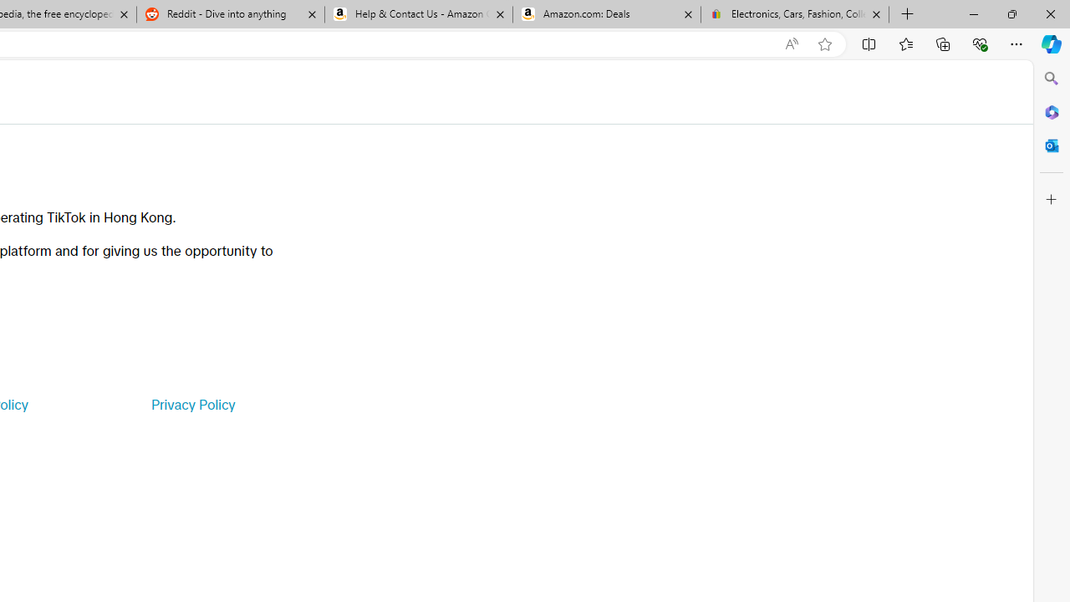  What do you see at coordinates (794, 14) in the screenshot?
I see `'Electronics, Cars, Fashion, Collectibles & More | eBay'` at bounding box center [794, 14].